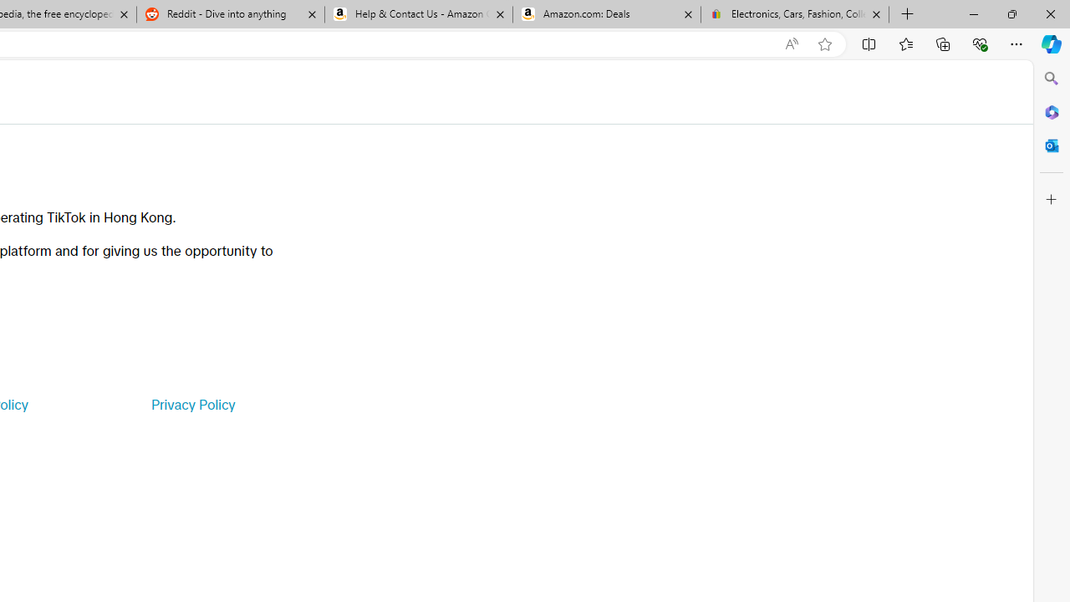  What do you see at coordinates (794, 14) in the screenshot?
I see `'Electronics, Cars, Fashion, Collectibles & More | eBay'` at bounding box center [794, 14].